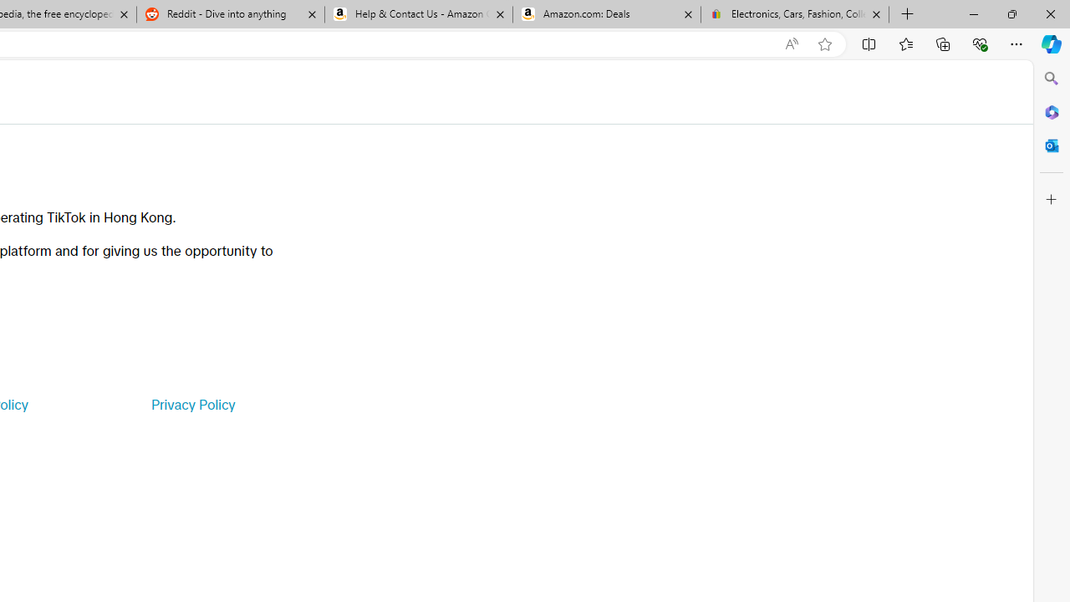  What do you see at coordinates (794, 14) in the screenshot?
I see `'Electronics, Cars, Fashion, Collectibles & More | eBay'` at bounding box center [794, 14].